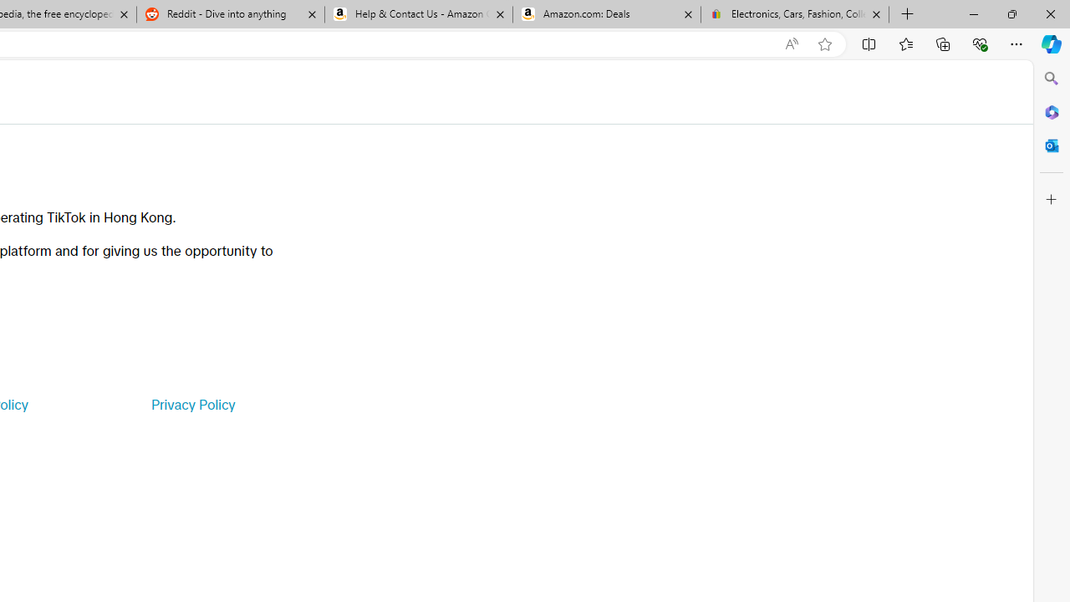  What do you see at coordinates (794, 14) in the screenshot?
I see `'Electronics, Cars, Fashion, Collectibles & More | eBay'` at bounding box center [794, 14].